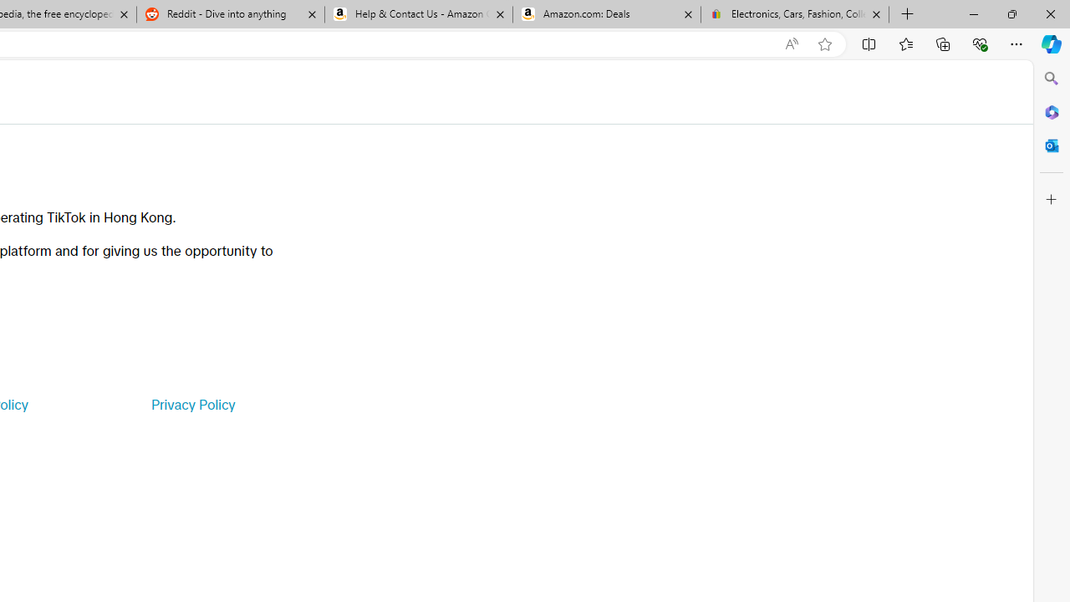  What do you see at coordinates (794, 14) in the screenshot?
I see `'Electronics, Cars, Fashion, Collectibles & More | eBay'` at bounding box center [794, 14].